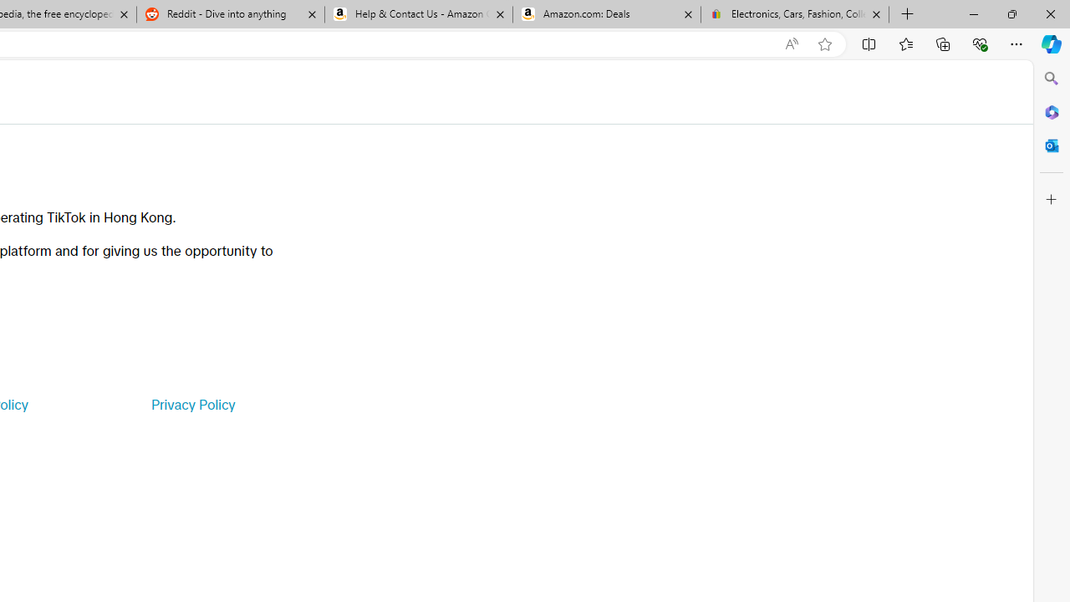  What do you see at coordinates (794, 14) in the screenshot?
I see `'Electronics, Cars, Fashion, Collectibles & More | eBay'` at bounding box center [794, 14].